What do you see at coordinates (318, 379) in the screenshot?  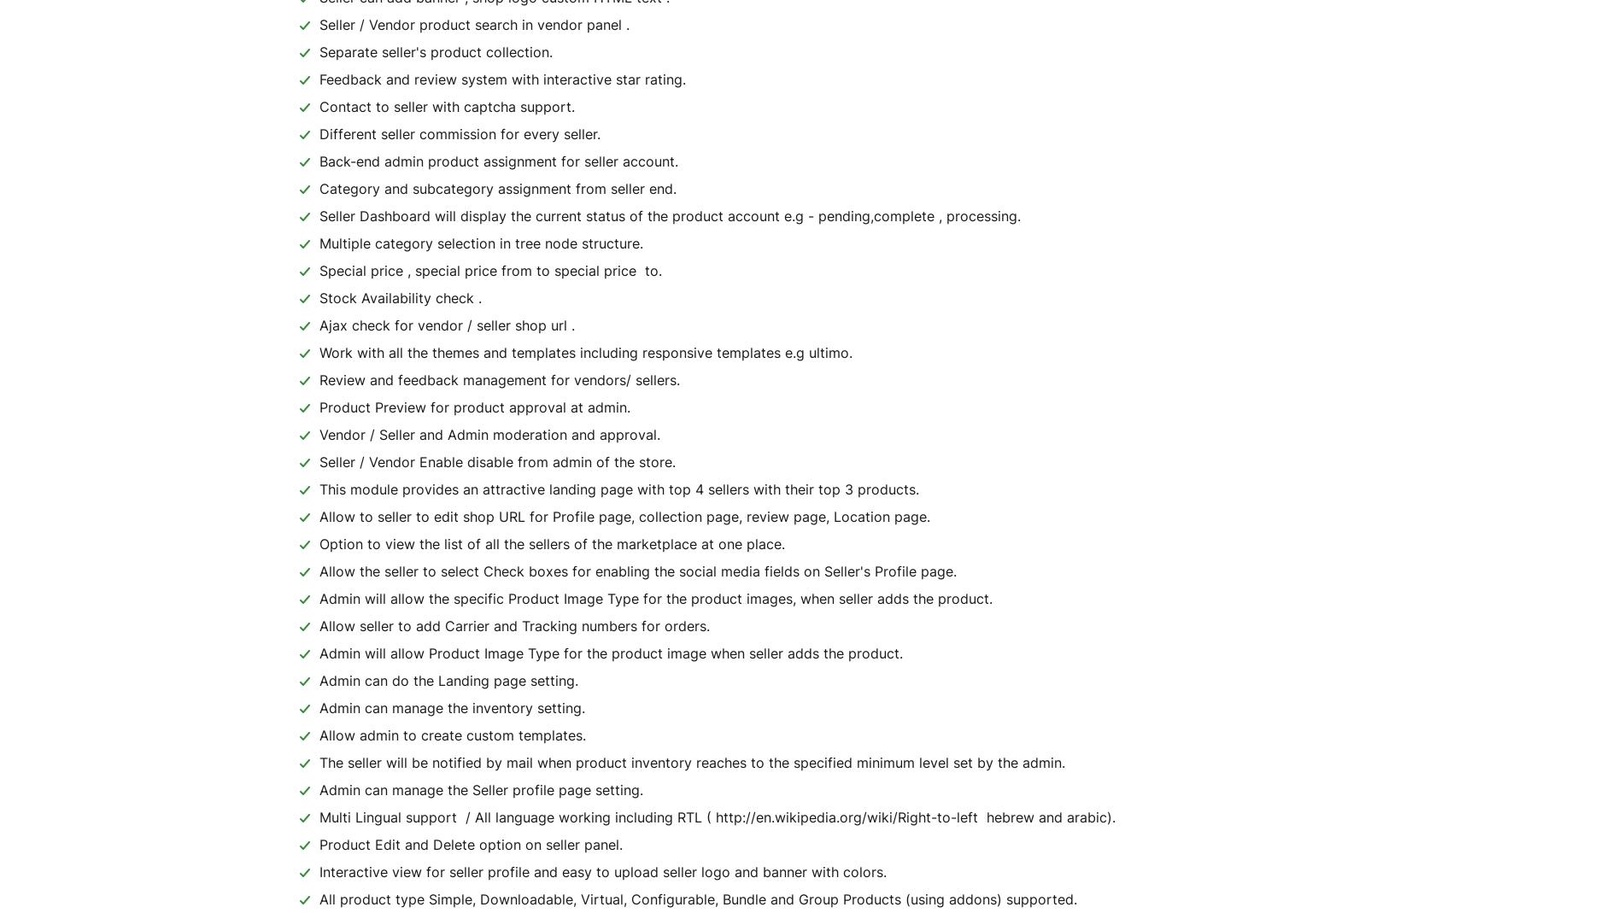 I see `'Review and feedback management for vendors/ sellers.'` at bounding box center [318, 379].